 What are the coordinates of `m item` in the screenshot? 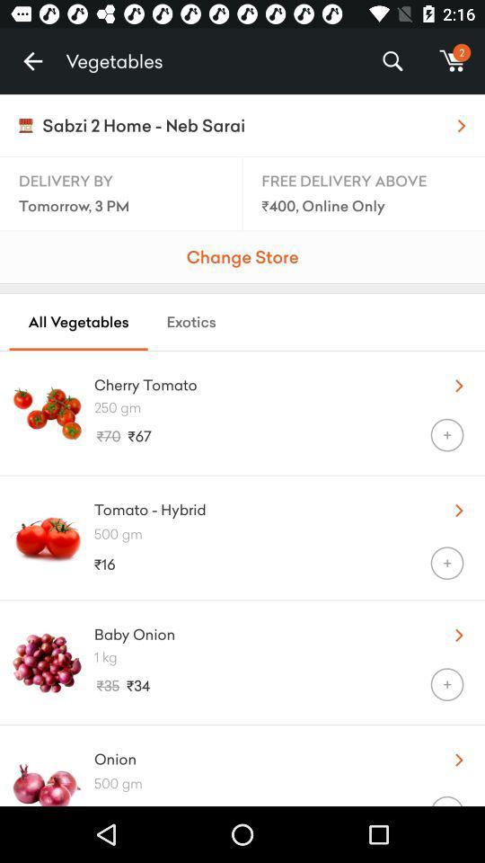 It's located at (452, 61).